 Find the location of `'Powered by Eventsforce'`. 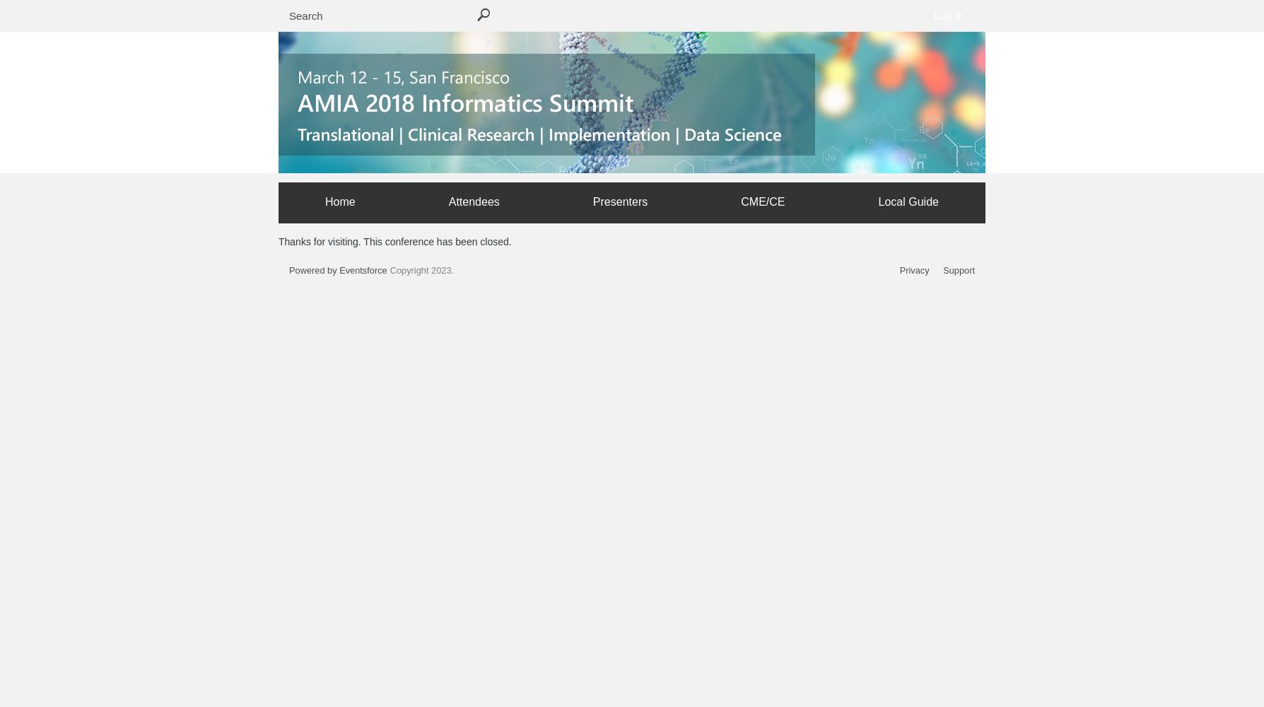

'Powered by Eventsforce' is located at coordinates (288, 269).